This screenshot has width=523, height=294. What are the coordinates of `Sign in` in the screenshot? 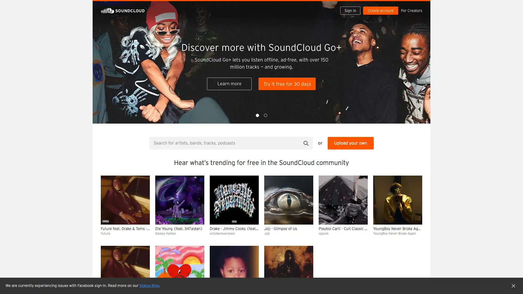 It's located at (350, 10).